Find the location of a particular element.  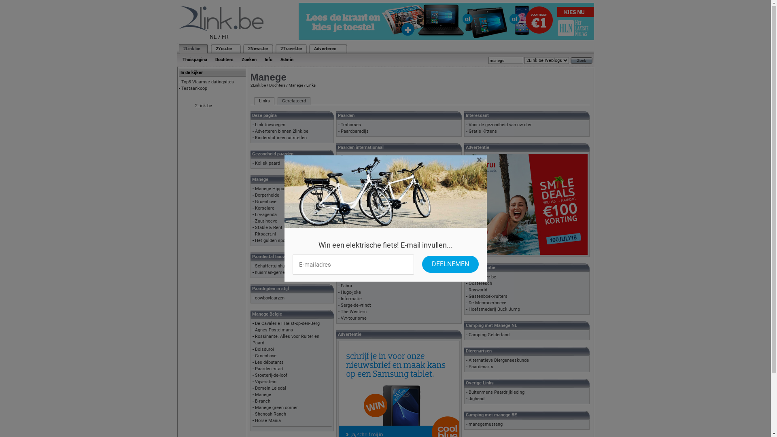

'manegemustang' is located at coordinates (486, 424).